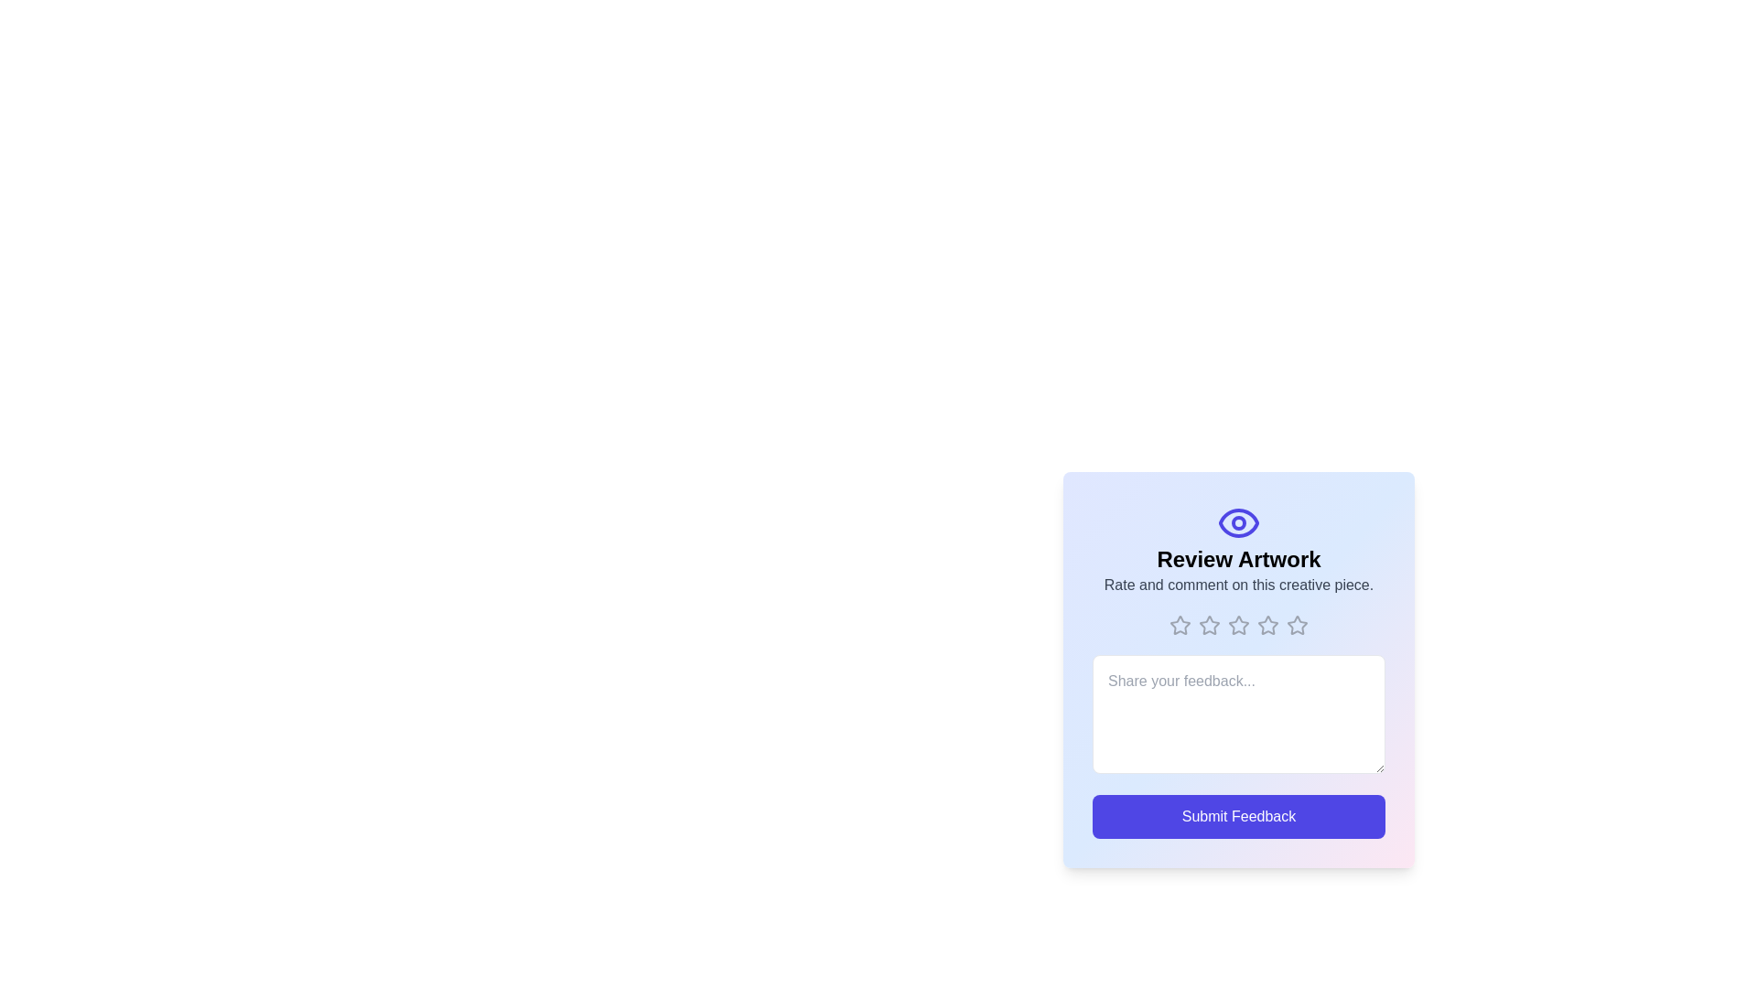 This screenshot has width=1757, height=988. What do you see at coordinates (1238, 713) in the screenshot?
I see `the feedback textarea and type the desired feedback text` at bounding box center [1238, 713].